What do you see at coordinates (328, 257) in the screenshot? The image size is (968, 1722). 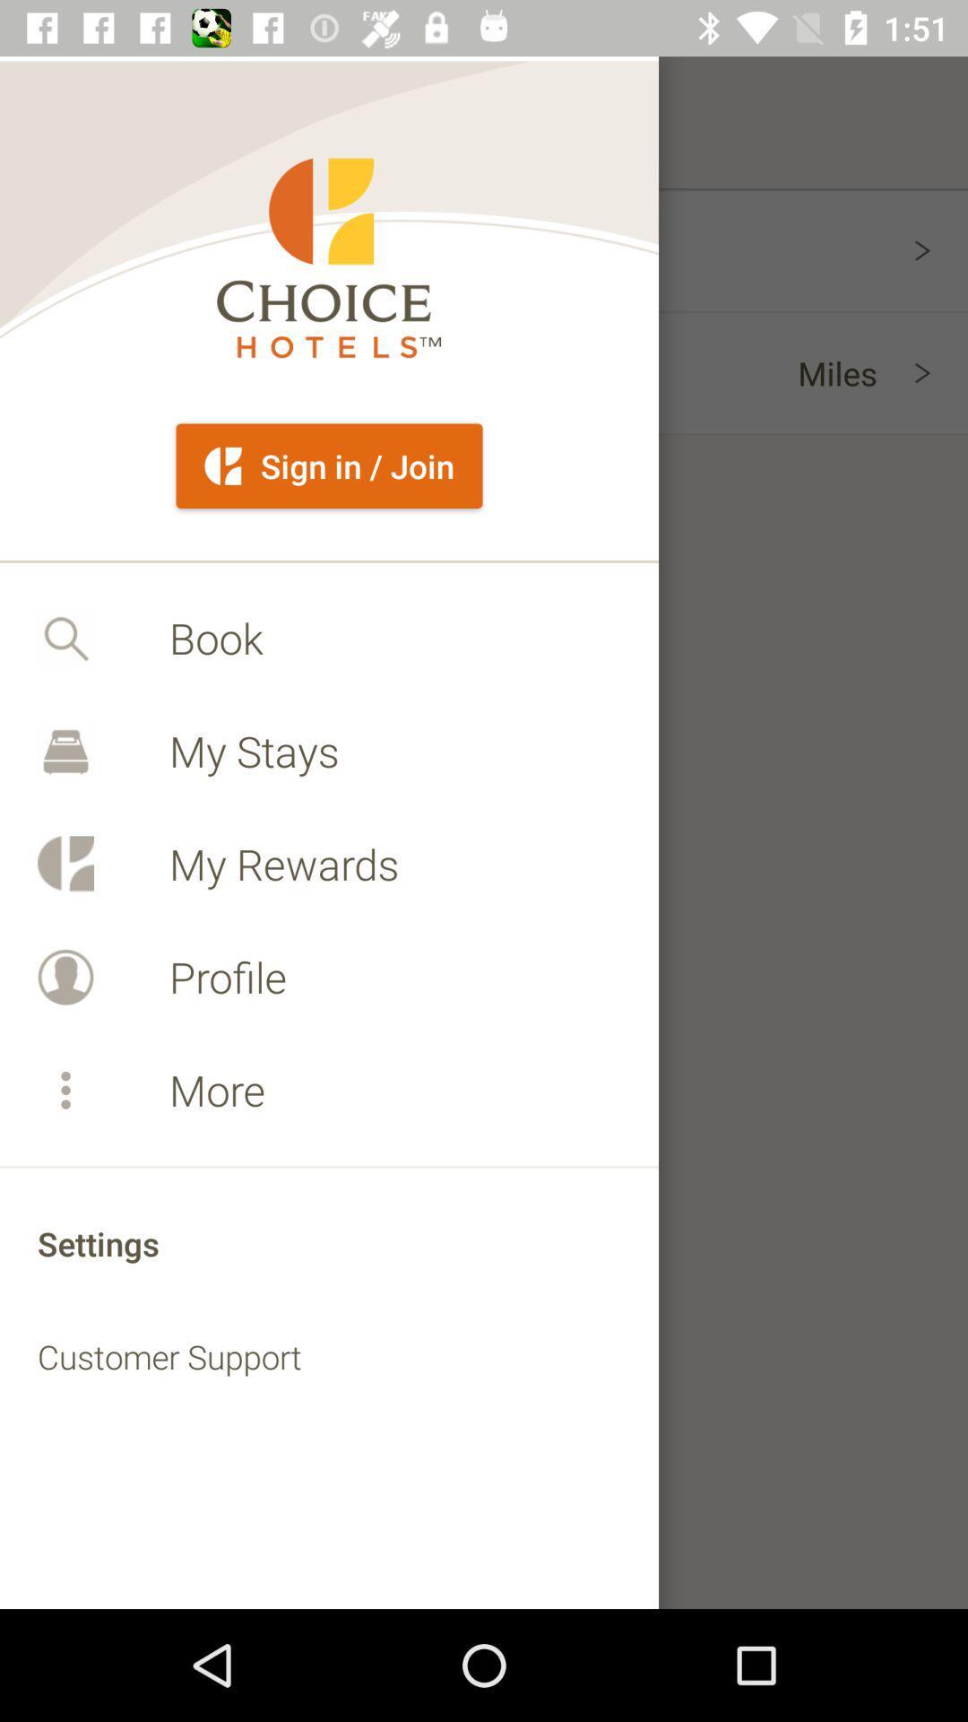 I see `the logo which is above the sign injoin` at bounding box center [328, 257].